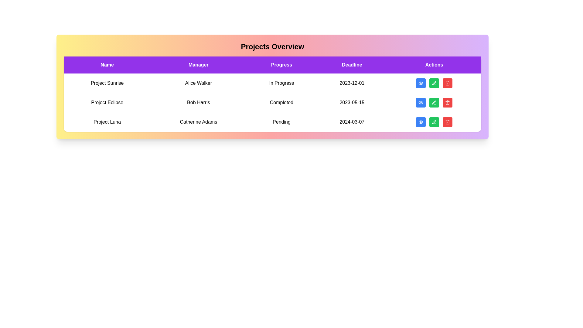 Image resolution: width=583 pixels, height=328 pixels. Describe the element at coordinates (448, 122) in the screenshot. I see `delete button for the project named Project Luna` at that location.